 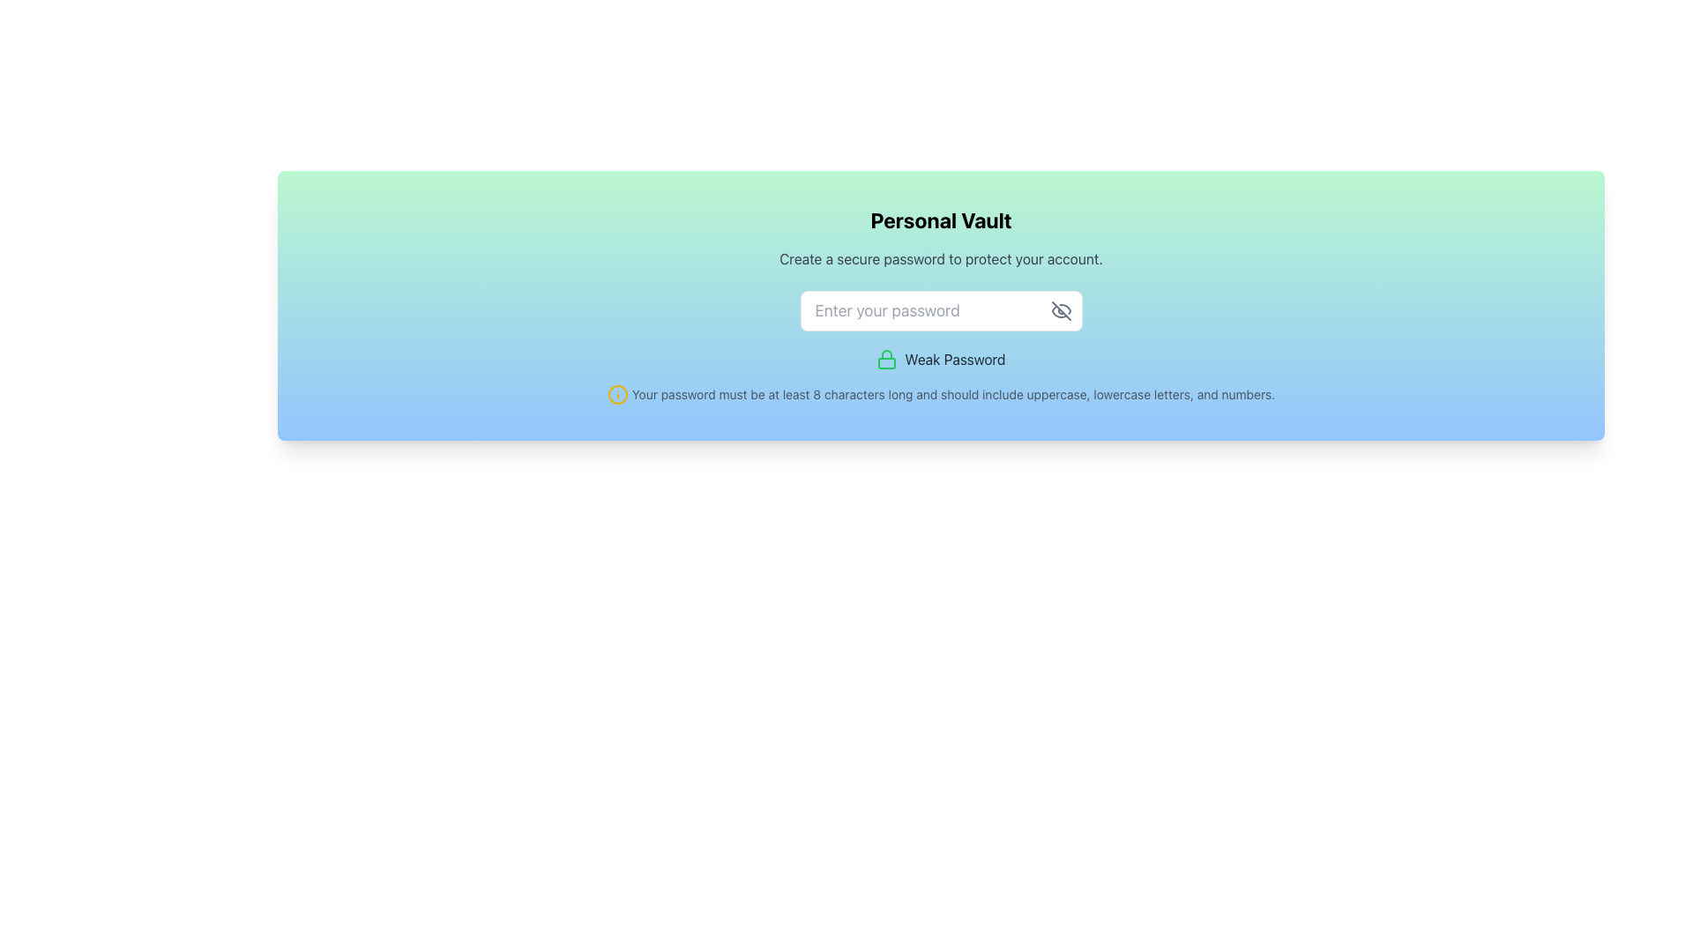 What do you see at coordinates (954, 359) in the screenshot?
I see `the text label indicating the security strength of the password, located to the right of the green lock icon` at bounding box center [954, 359].